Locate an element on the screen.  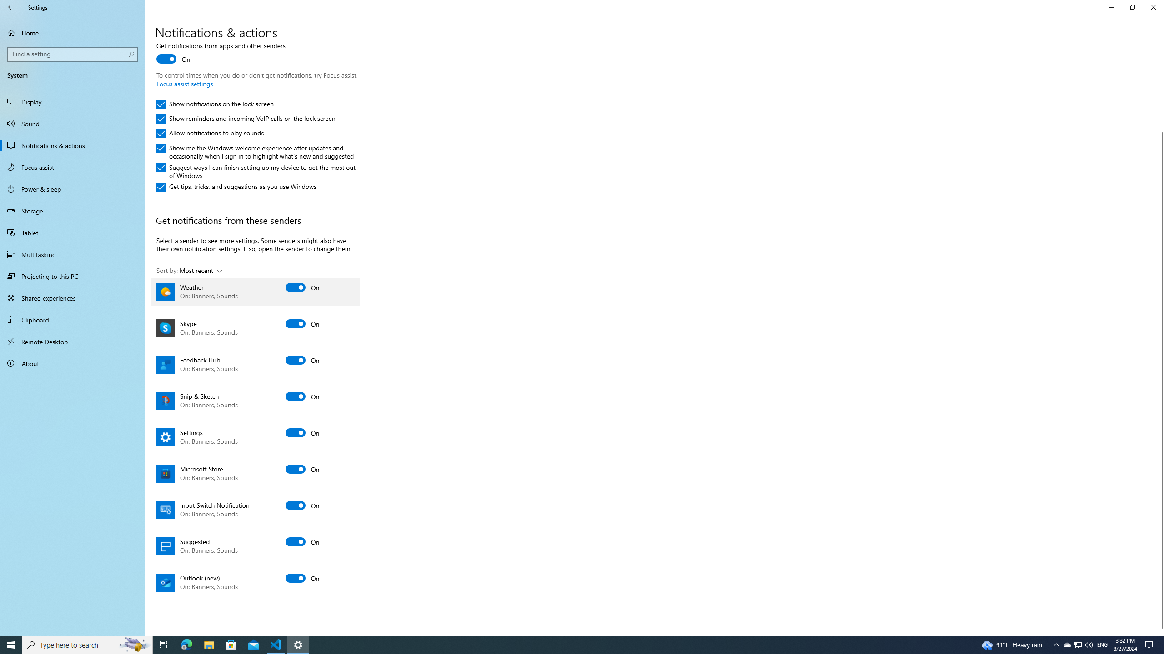
'About' is located at coordinates (72, 362).